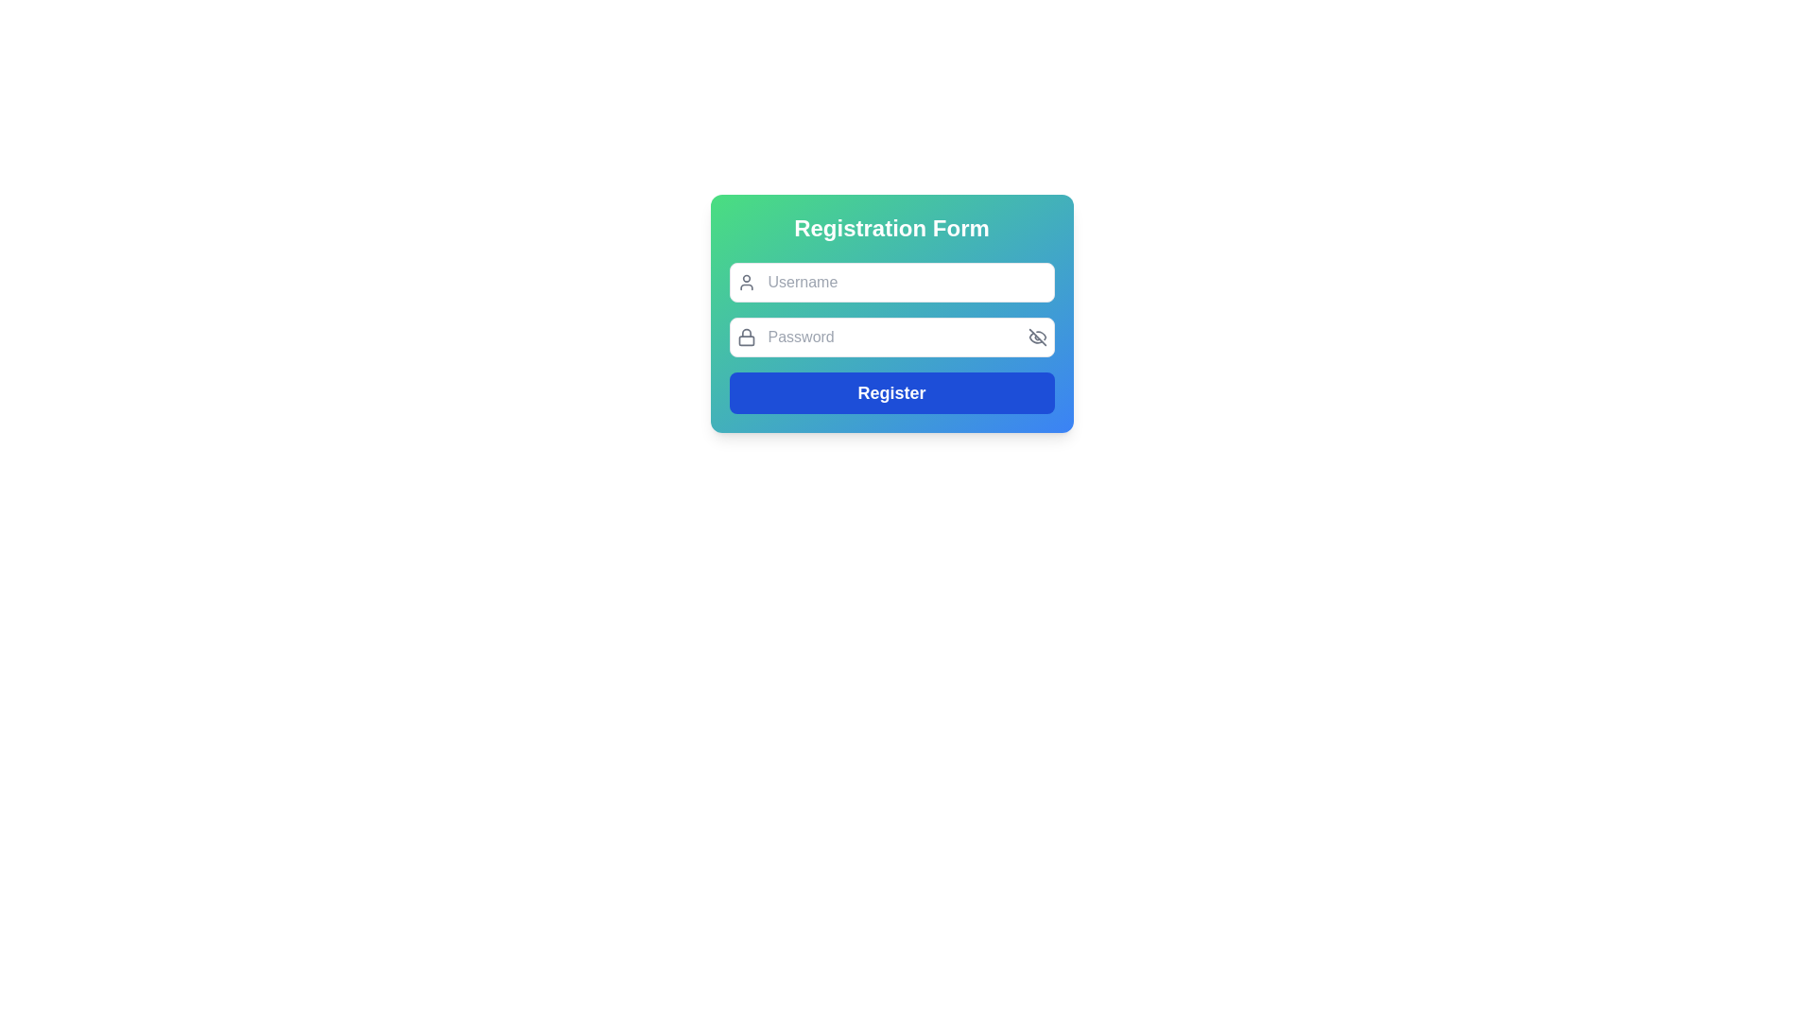  I want to click on the Password input field in the Registration Form, which is styled with a blue background and includes a visibility toggle button, so click(890, 337).